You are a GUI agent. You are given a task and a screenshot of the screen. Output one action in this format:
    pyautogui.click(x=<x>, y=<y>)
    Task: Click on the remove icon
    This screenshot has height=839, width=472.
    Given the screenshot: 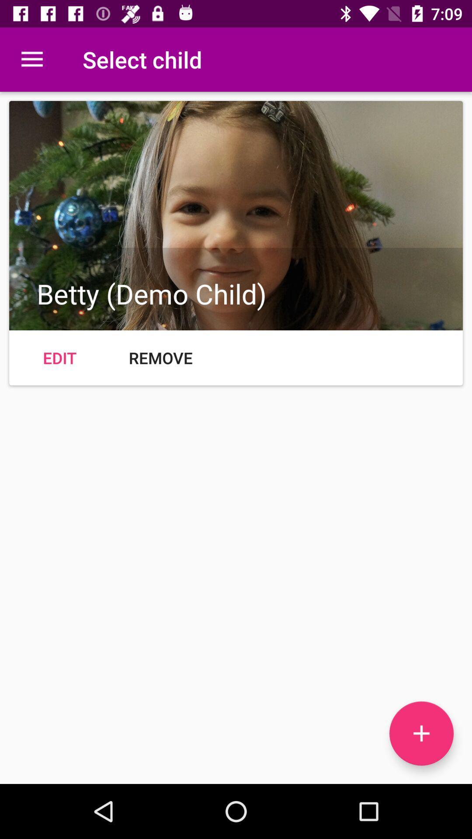 What is the action you would take?
    pyautogui.click(x=160, y=358)
    